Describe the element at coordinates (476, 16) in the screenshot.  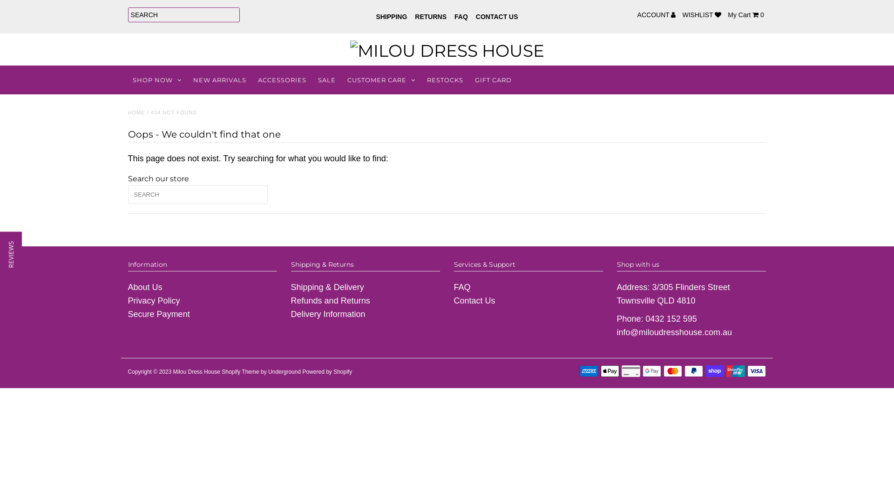
I see `'CONTACT US'` at that location.